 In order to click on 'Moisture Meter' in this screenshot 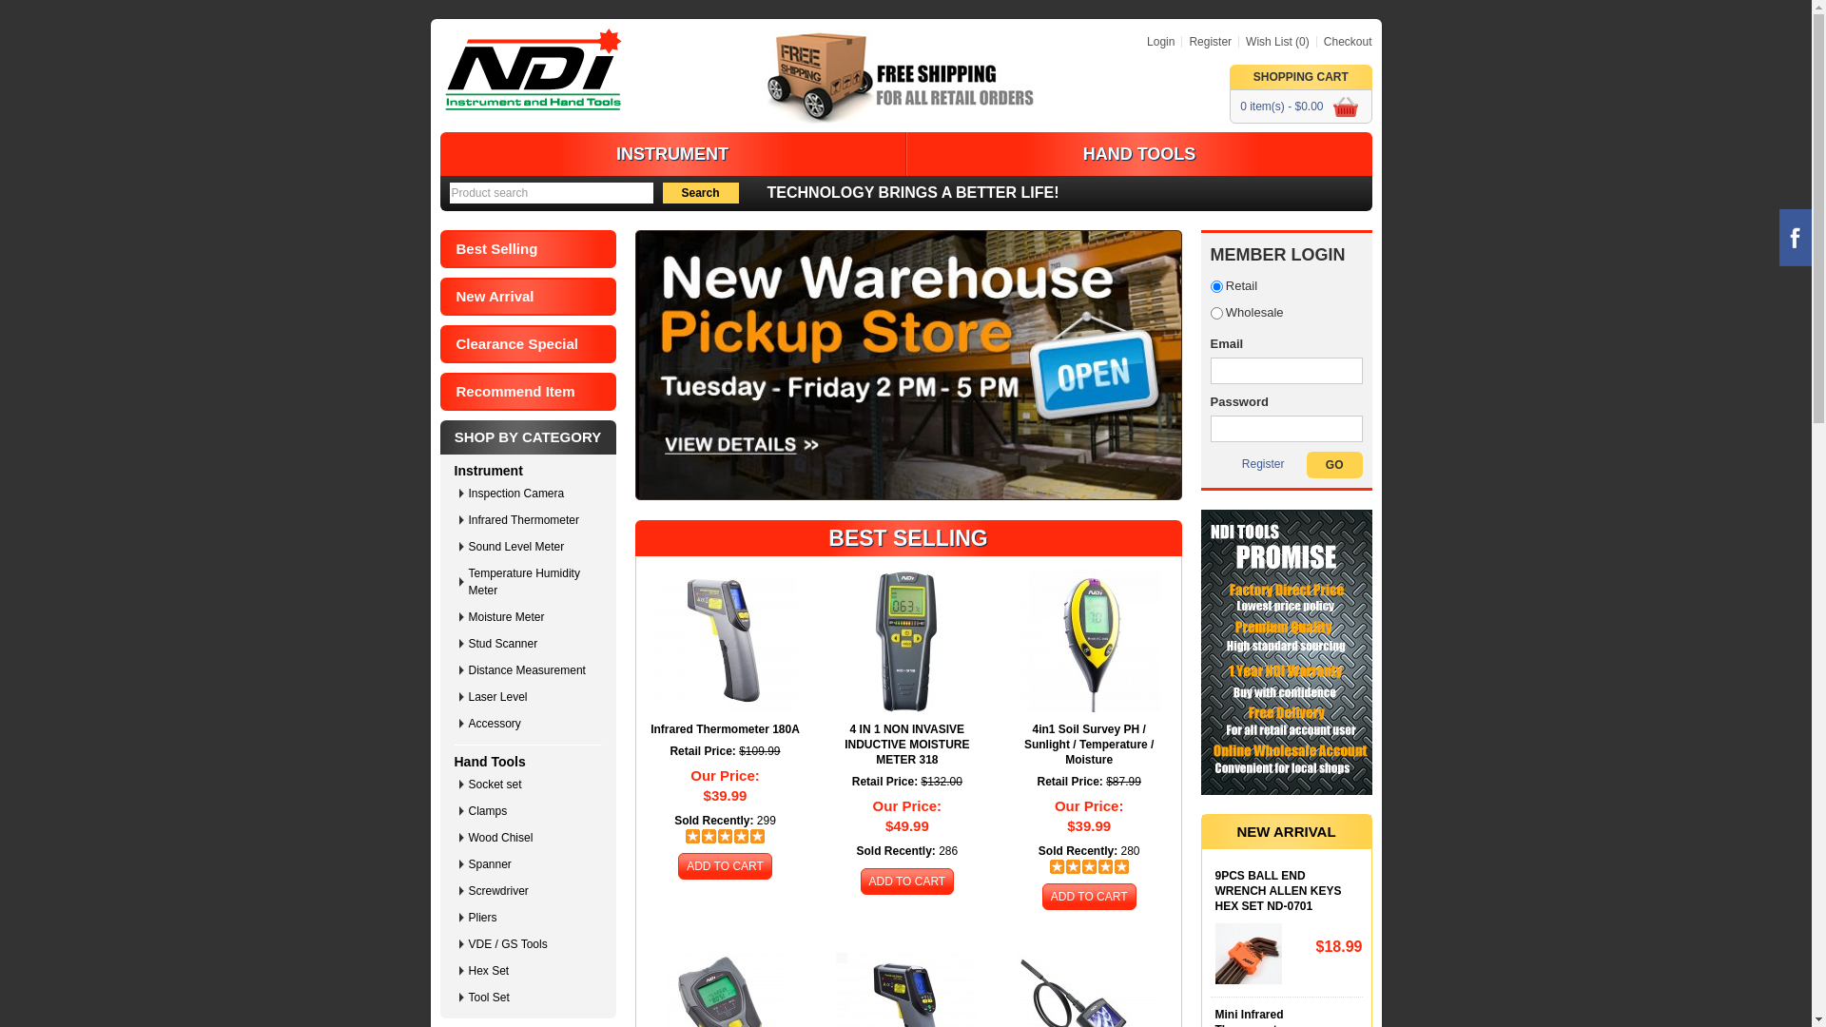, I will do `click(532, 616)`.